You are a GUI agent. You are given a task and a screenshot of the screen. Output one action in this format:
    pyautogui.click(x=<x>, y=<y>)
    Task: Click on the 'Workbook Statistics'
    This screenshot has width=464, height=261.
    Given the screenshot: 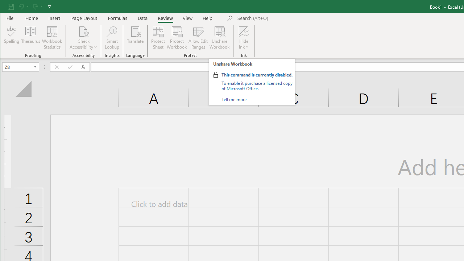 What is the action you would take?
    pyautogui.click(x=52, y=38)
    